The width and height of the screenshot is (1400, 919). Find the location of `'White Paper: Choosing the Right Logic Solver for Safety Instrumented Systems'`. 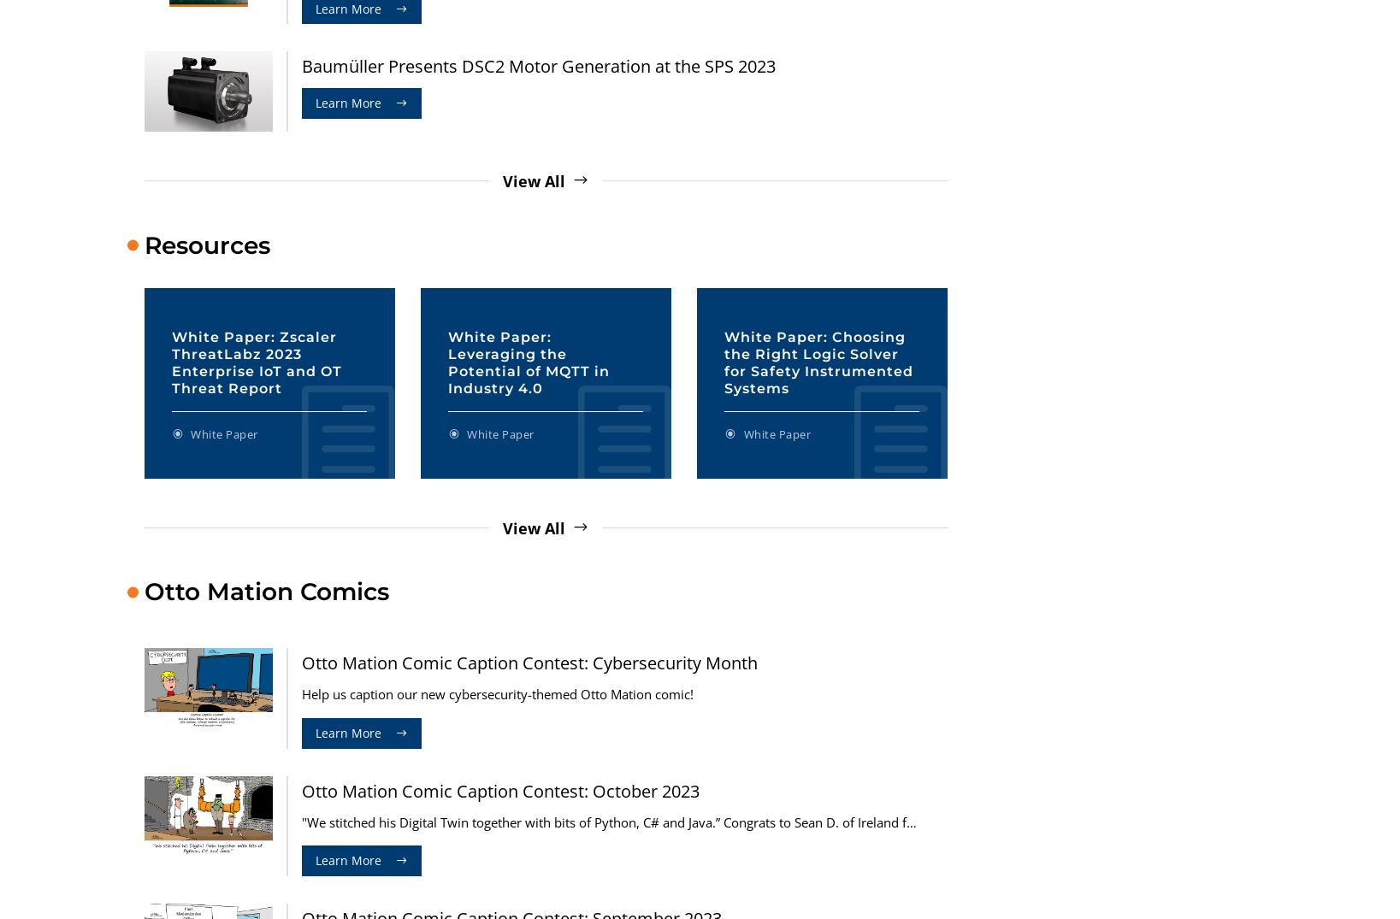

'White Paper: Choosing the Right Logic Solver for Safety Instrumented Systems' is located at coordinates (818, 361).